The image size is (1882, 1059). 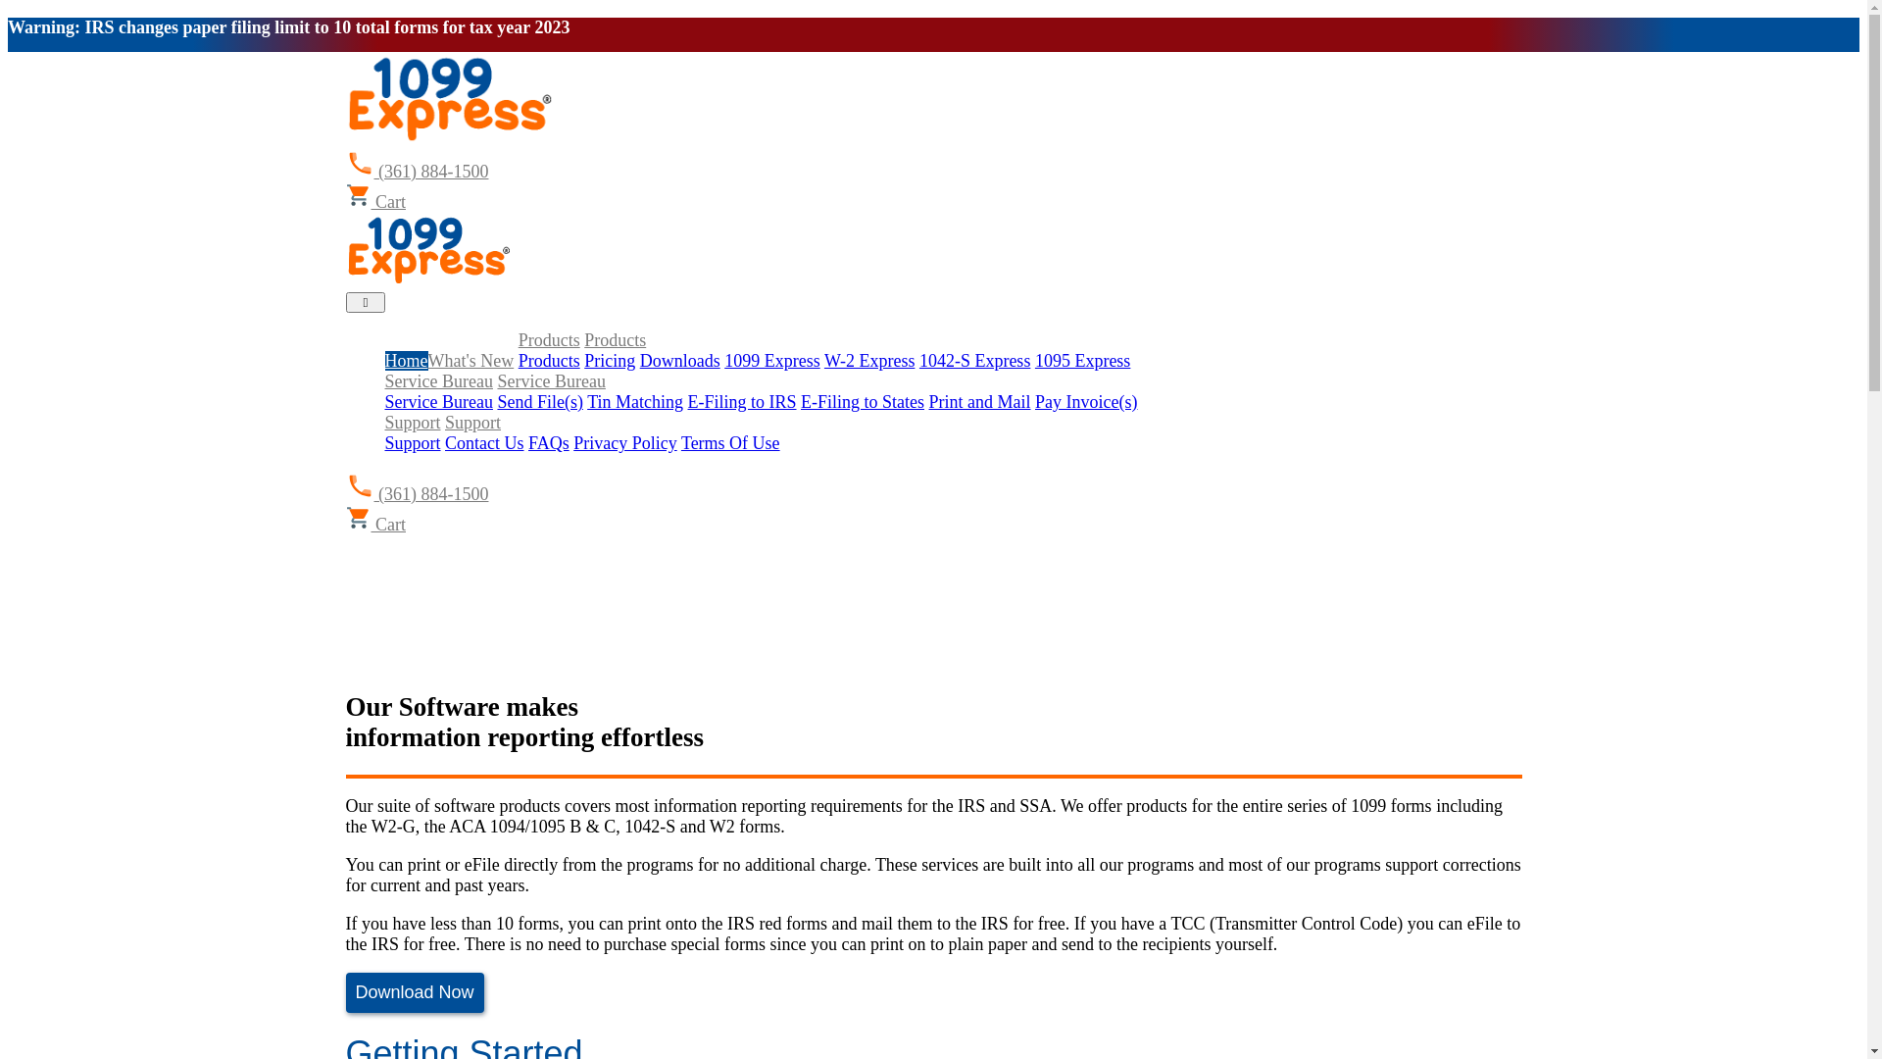 What do you see at coordinates (413, 992) in the screenshot?
I see `'Download Now'` at bounding box center [413, 992].